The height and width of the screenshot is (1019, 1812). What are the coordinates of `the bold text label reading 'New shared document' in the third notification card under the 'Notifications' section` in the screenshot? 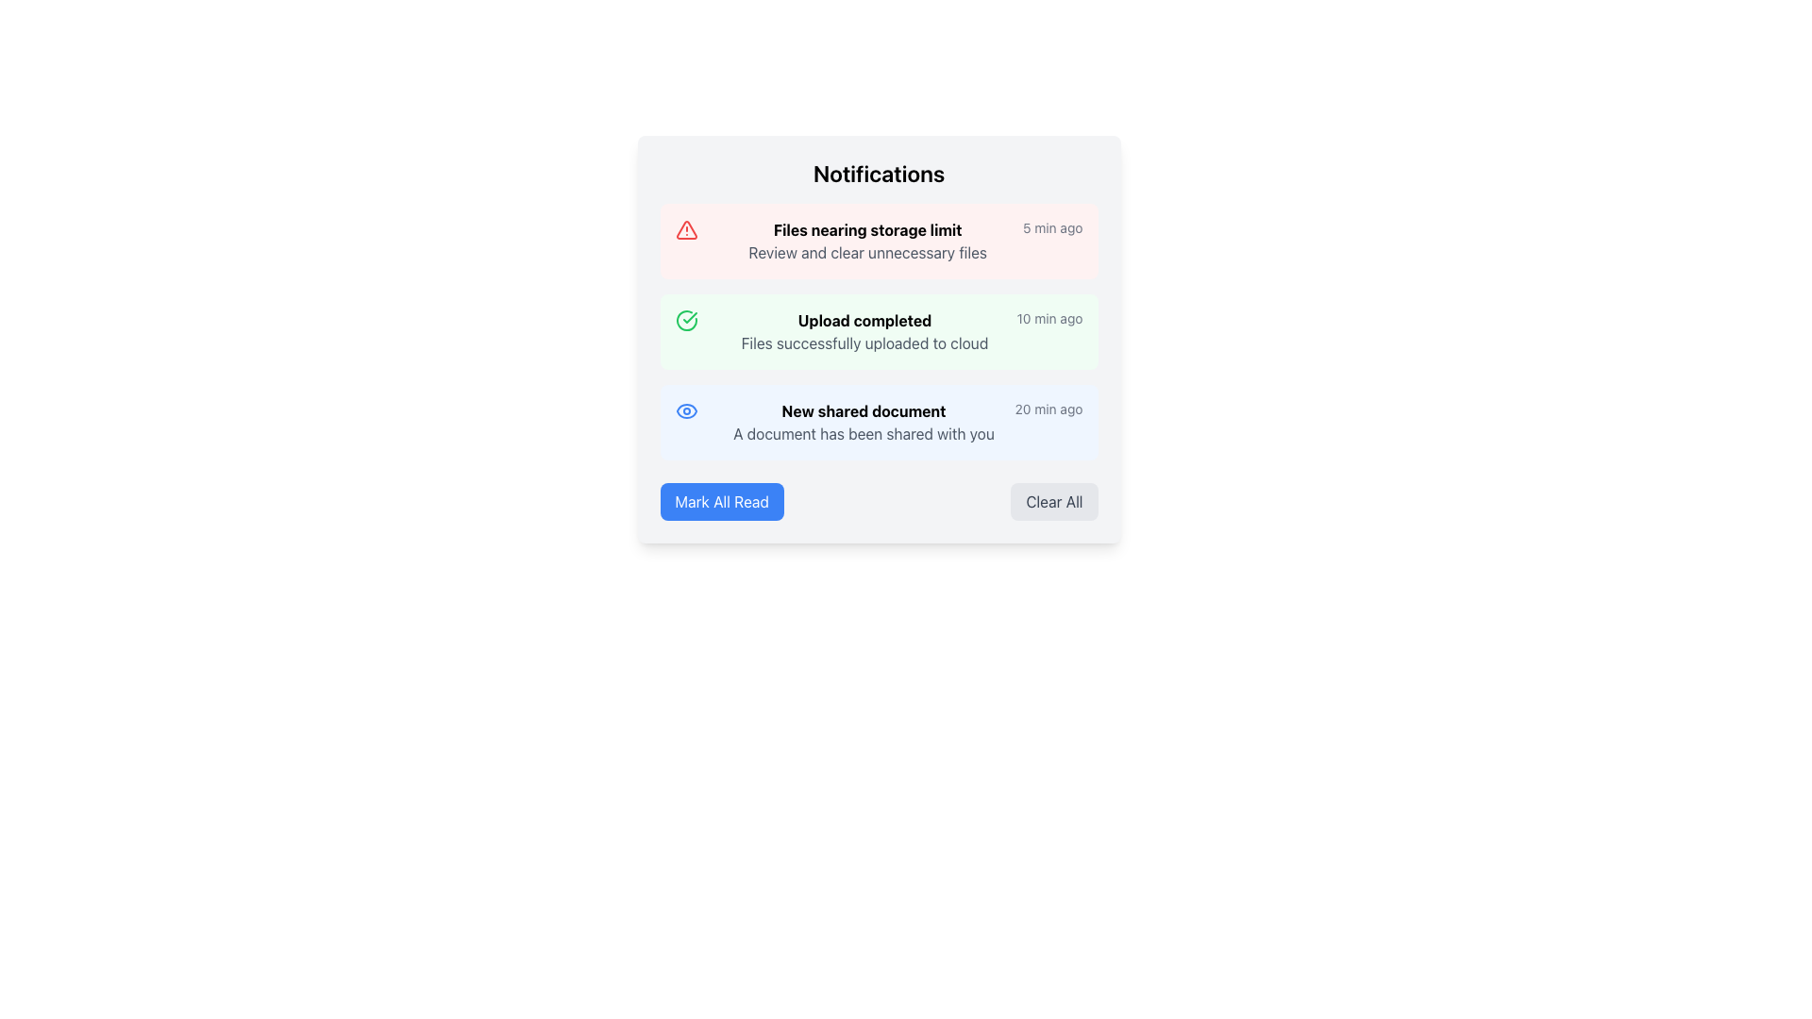 It's located at (863, 409).